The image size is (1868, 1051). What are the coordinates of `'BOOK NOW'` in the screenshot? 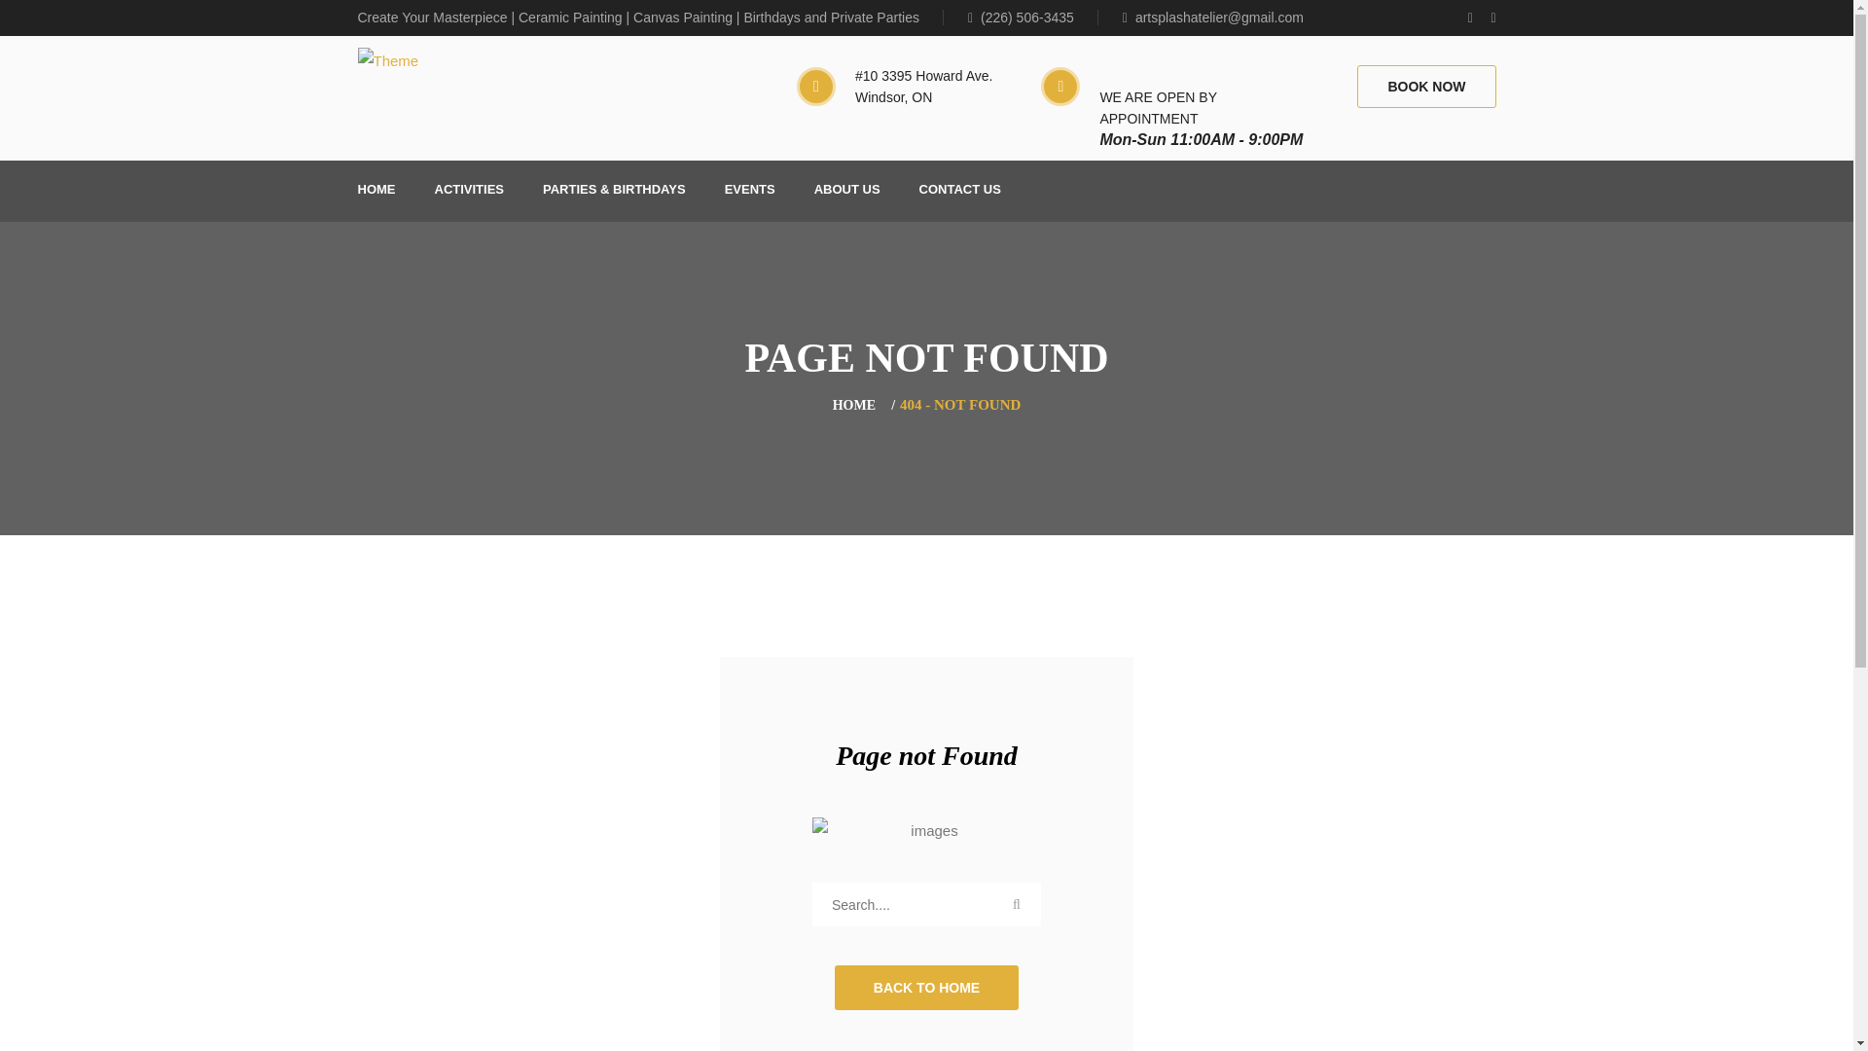 It's located at (1425, 85).